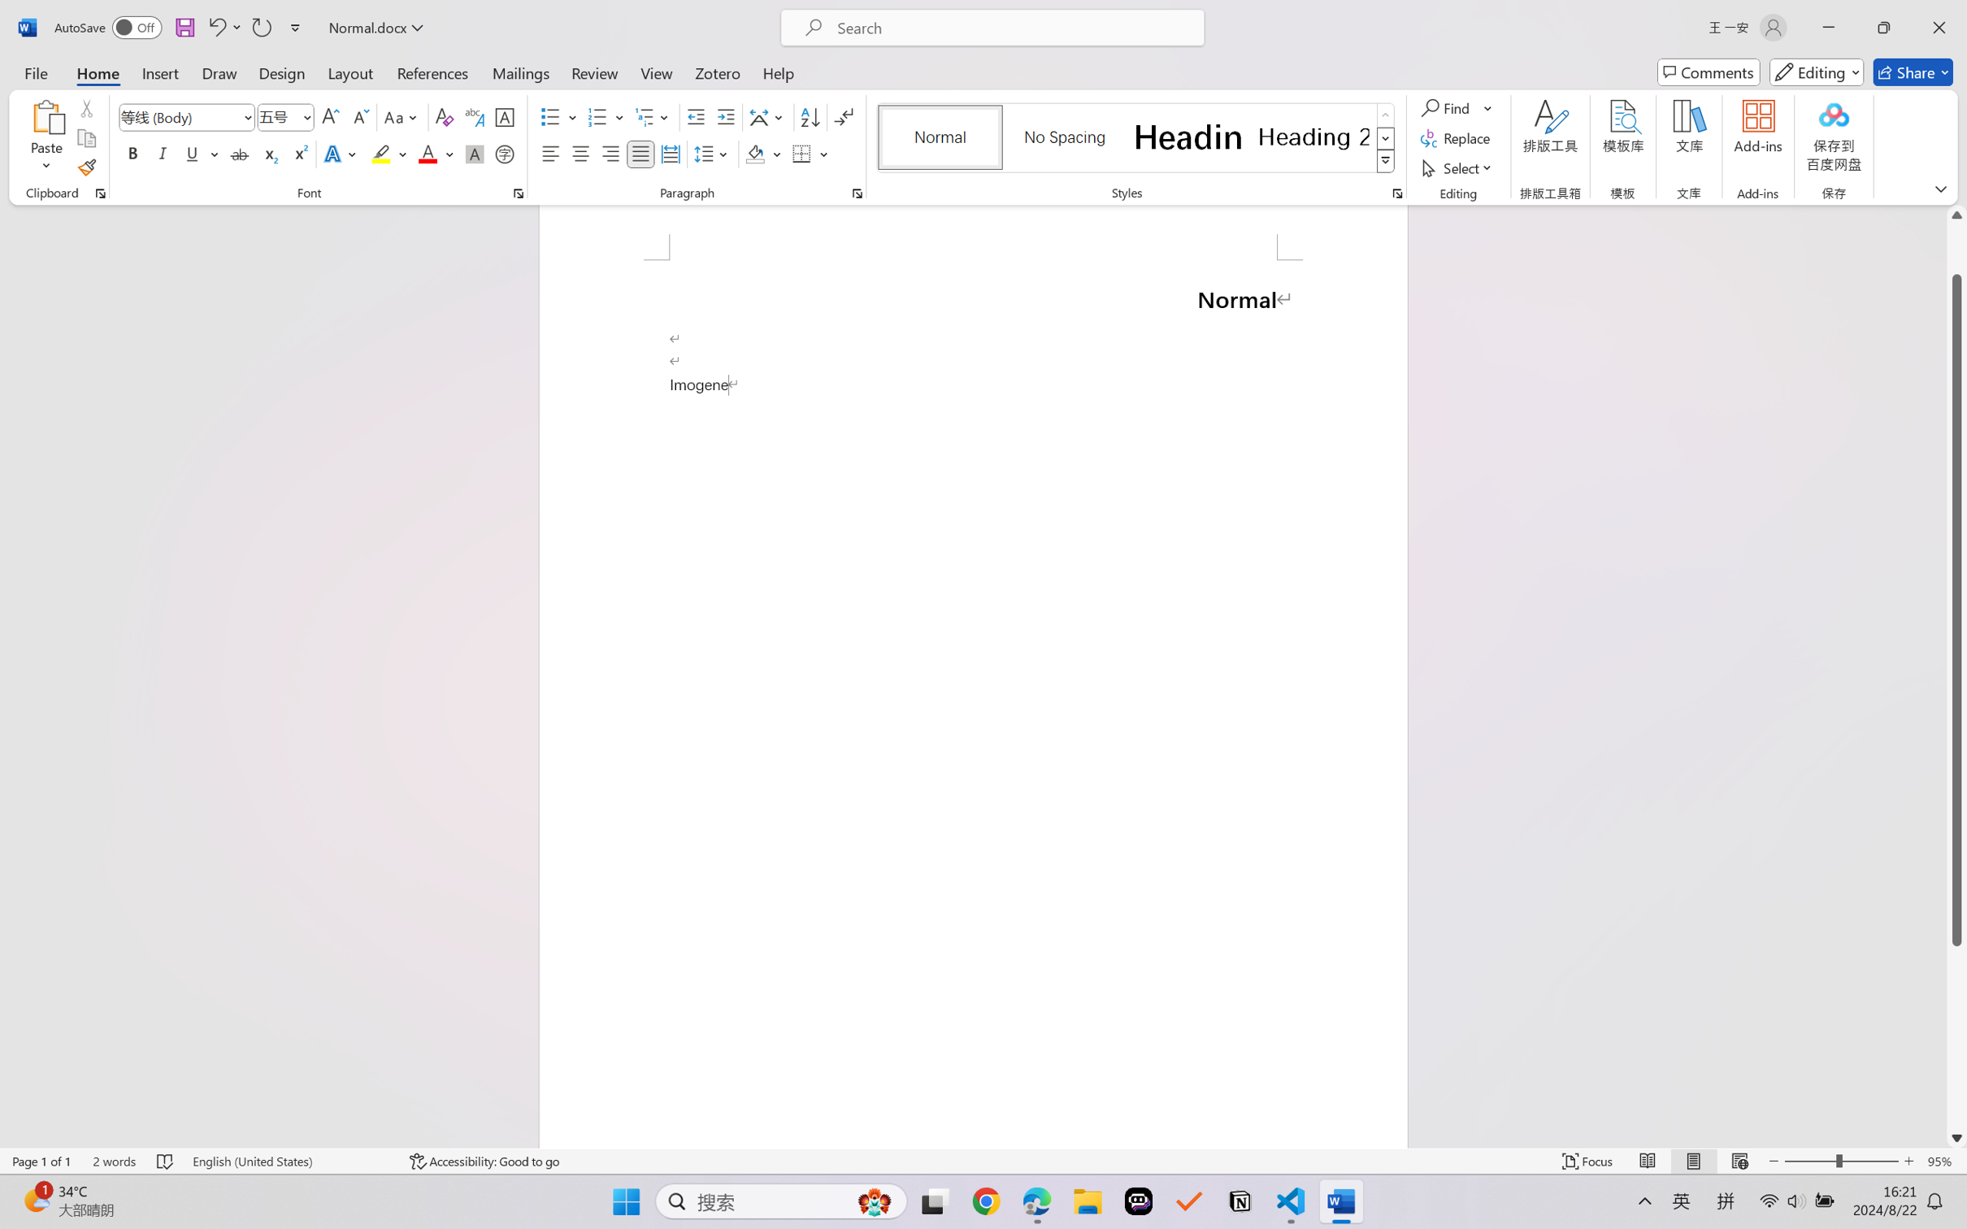 The image size is (1967, 1229). Describe the element at coordinates (857, 193) in the screenshot. I see `'Paragraph...'` at that location.